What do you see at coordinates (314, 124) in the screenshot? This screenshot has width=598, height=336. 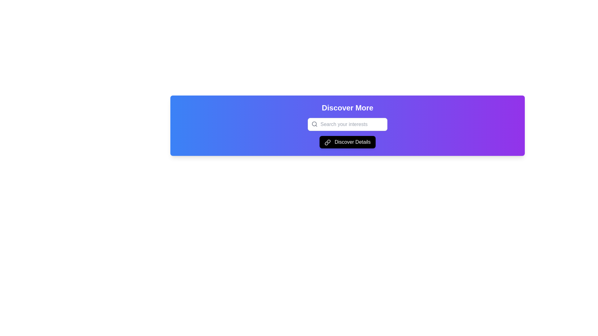 I see `the search icon element, which is a circular shape with a diagonal line resembling a magnifying glass, located on the left side of the 'Search your interests' text input box` at bounding box center [314, 124].